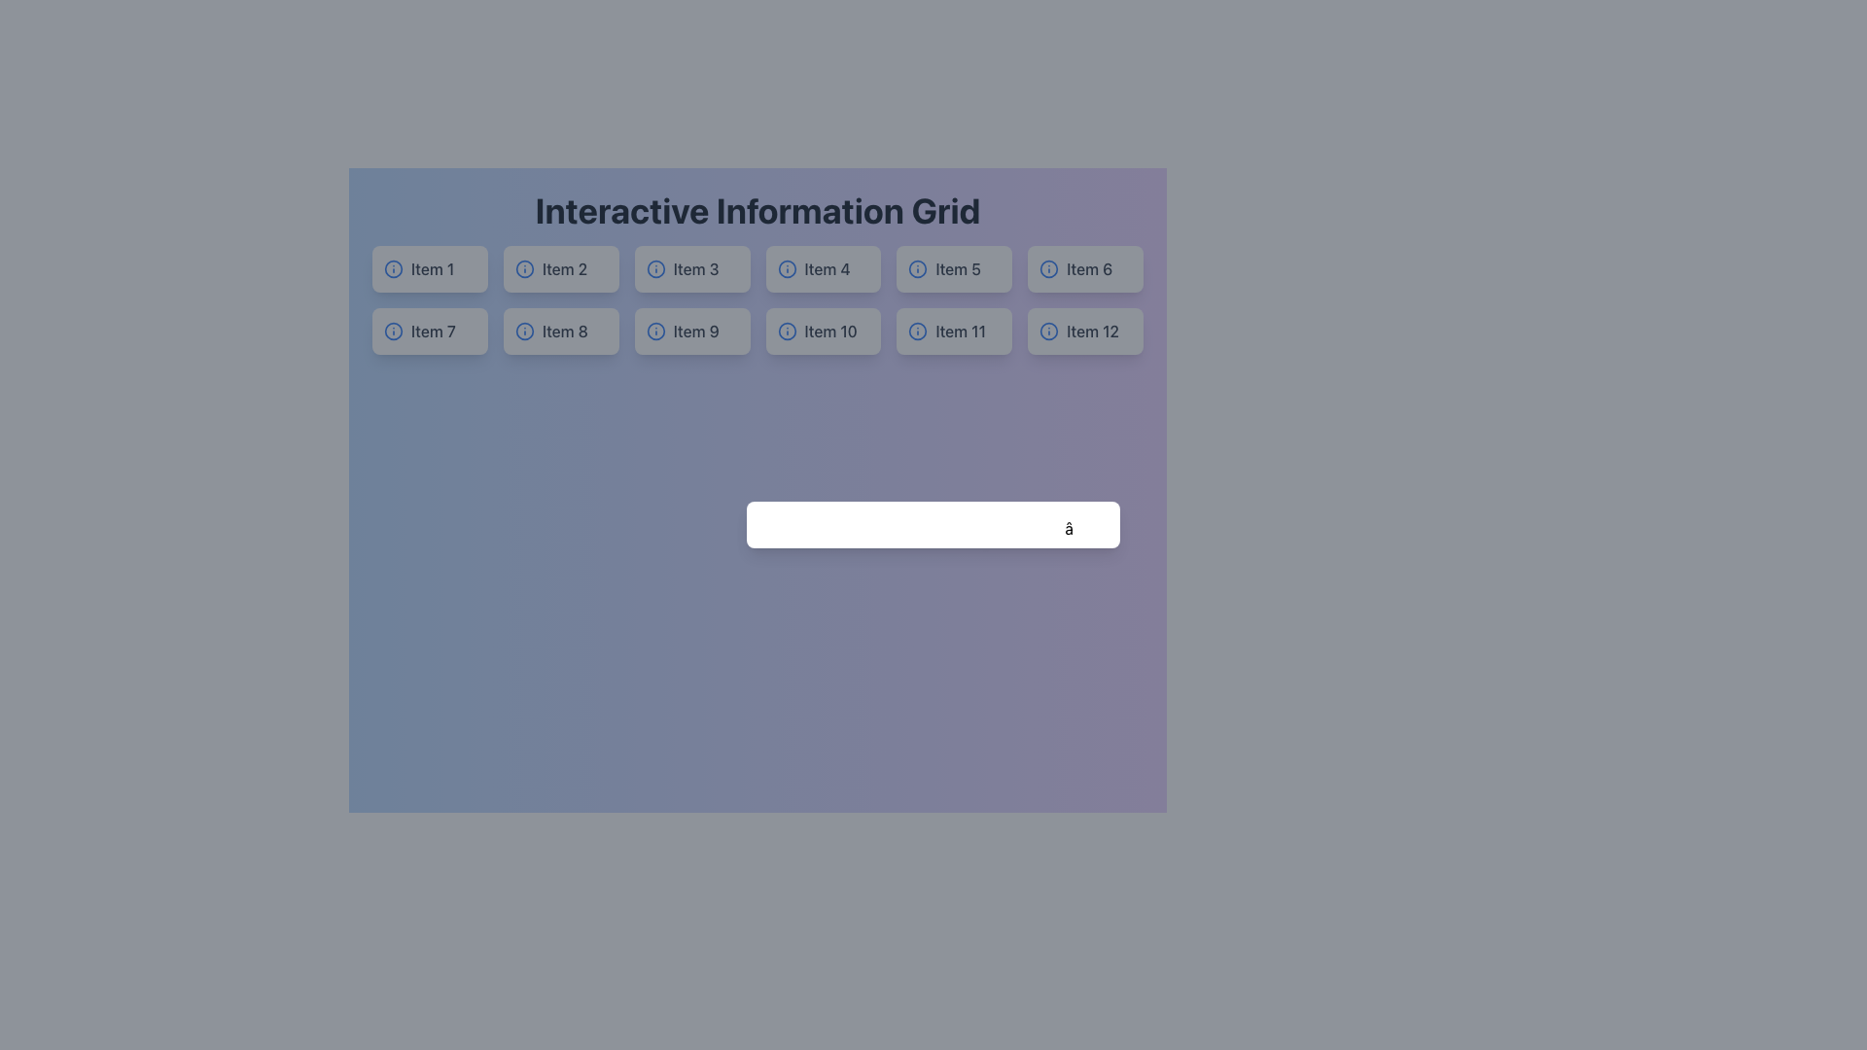 This screenshot has width=1867, height=1050. What do you see at coordinates (917, 330) in the screenshot?
I see `the Decorative SVG circle with a blue outline and transparent center, which is part of the icon labeled 'Item 11', located on the second row, second column from the right in the grid` at bounding box center [917, 330].